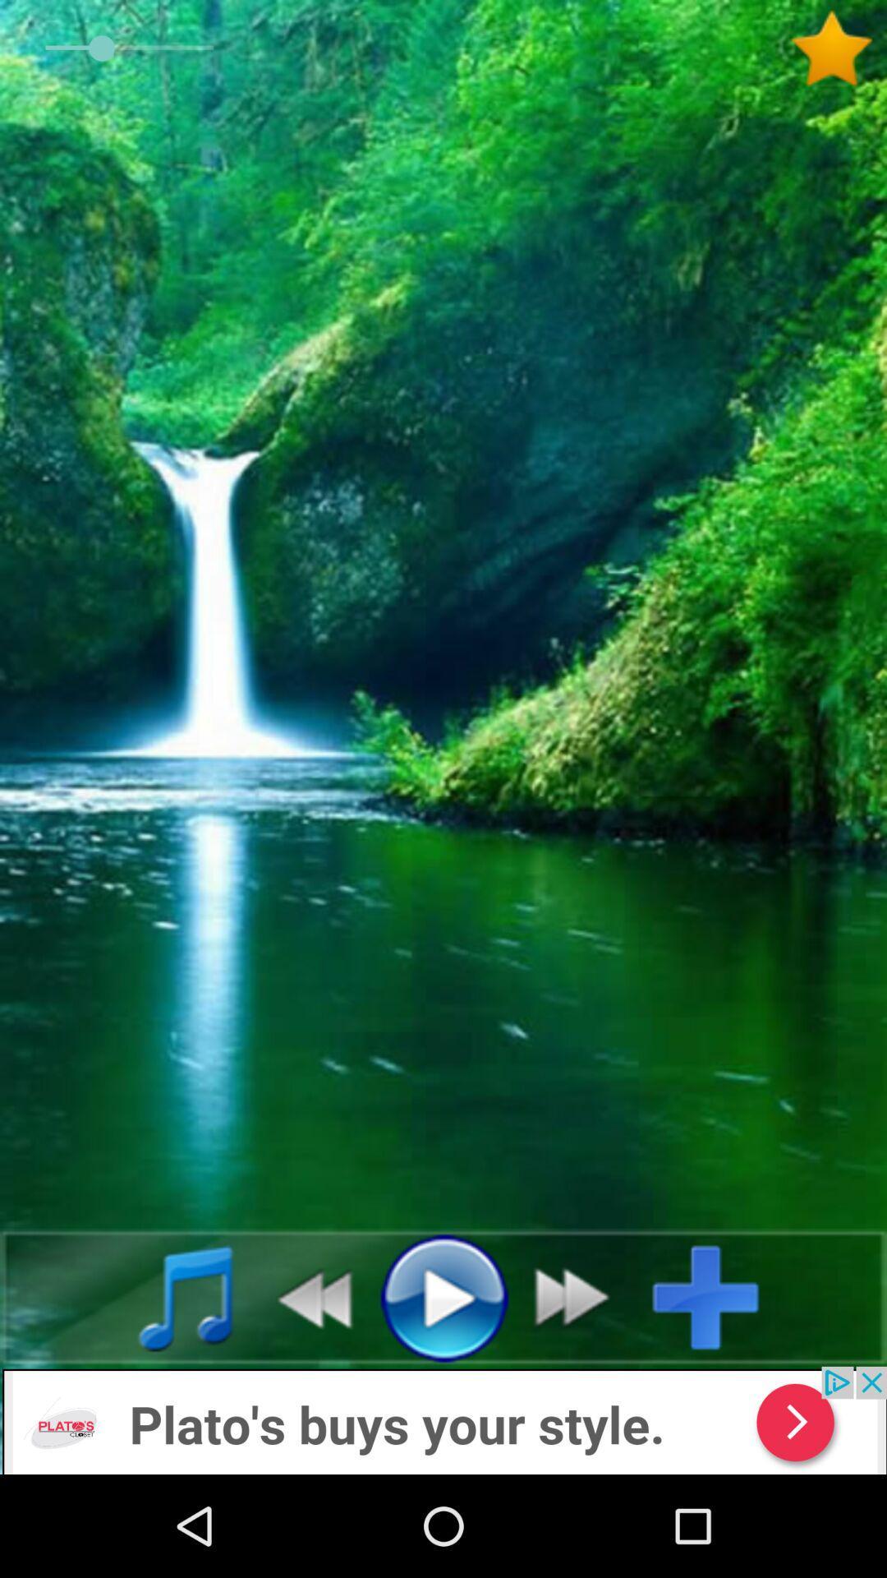  Describe the element at coordinates (718, 1296) in the screenshot. I see `the add icon` at that location.